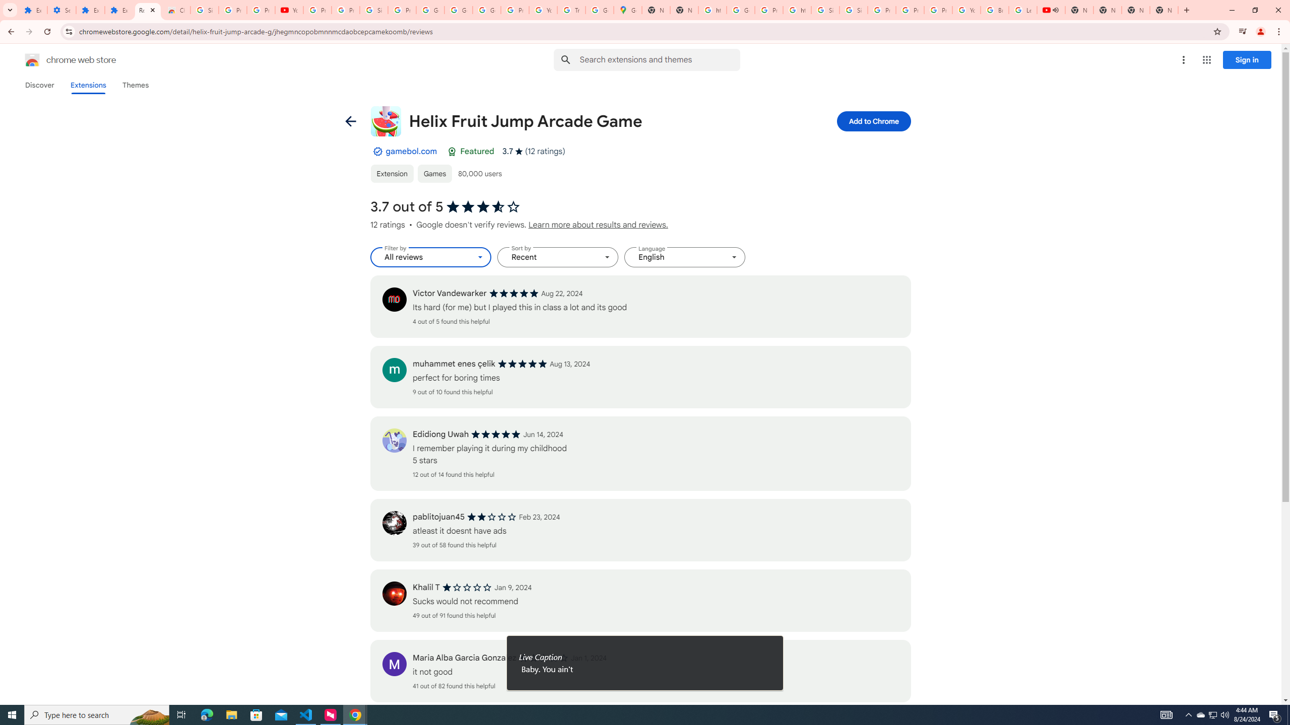 Image resolution: width=1290 pixels, height=725 pixels. Describe the element at coordinates (853, 10) in the screenshot. I see `'Sign in - Google Accounts'` at that location.